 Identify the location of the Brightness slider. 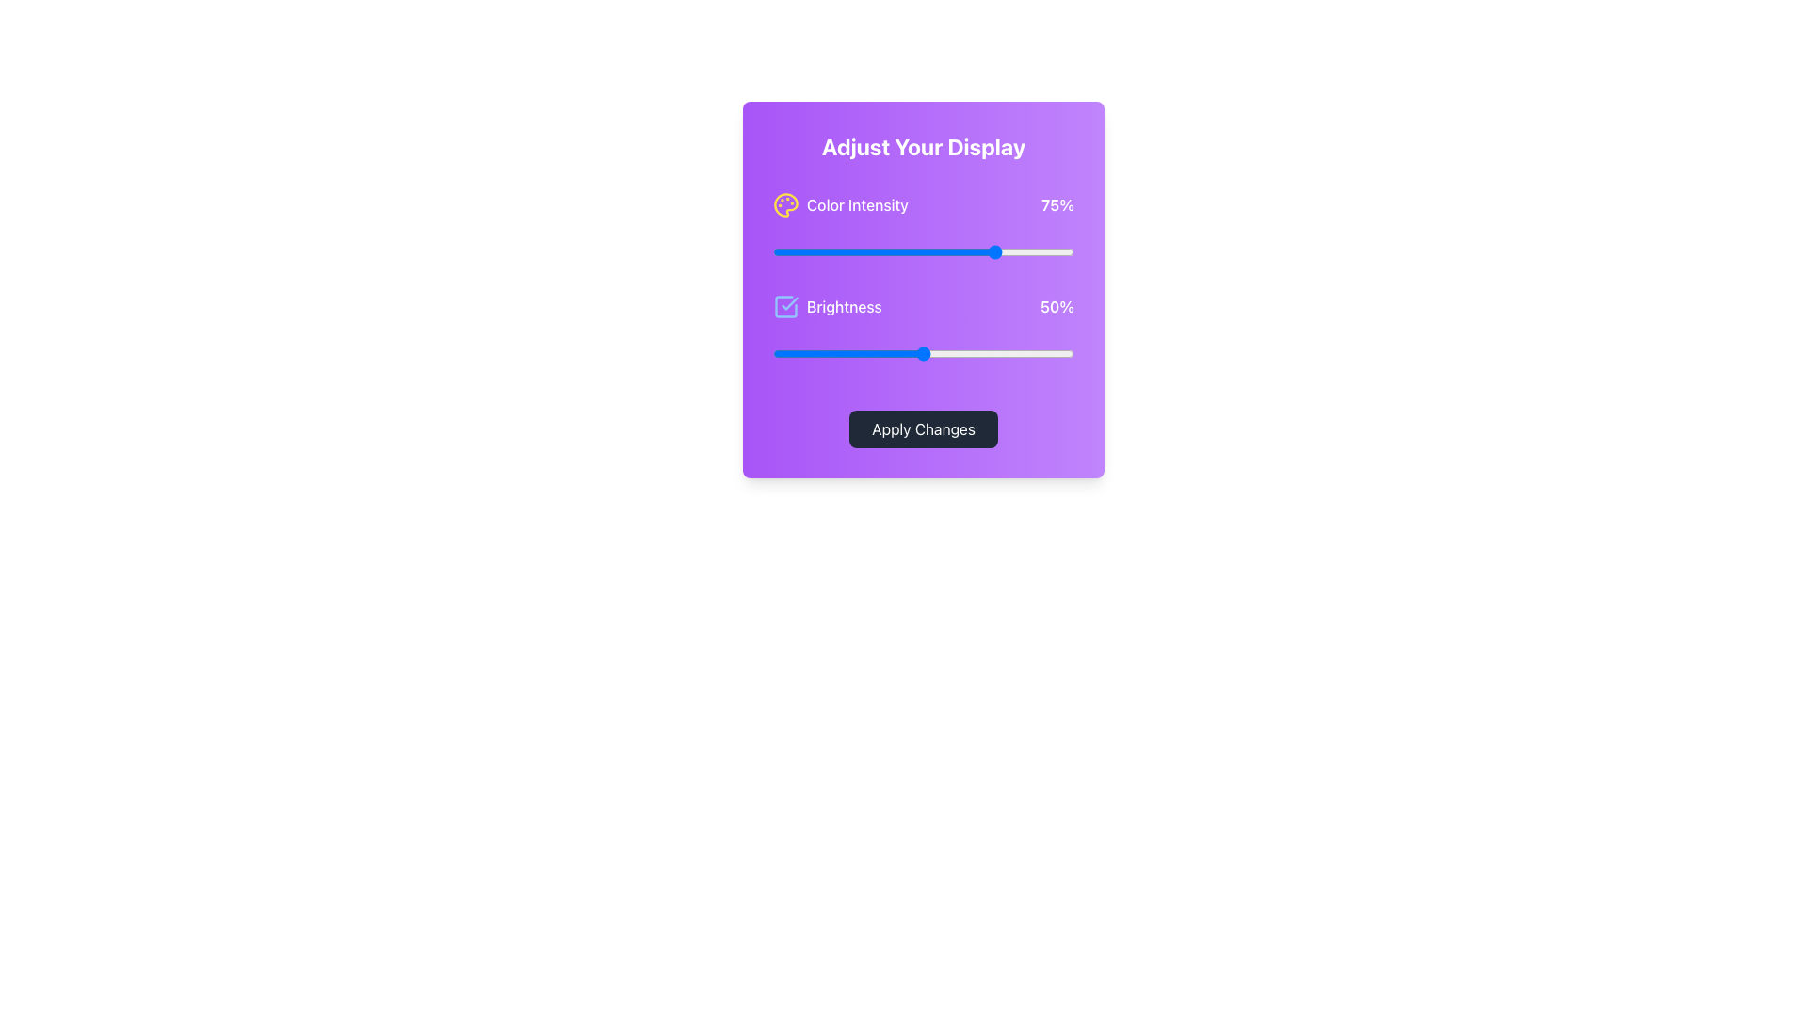
(942, 353).